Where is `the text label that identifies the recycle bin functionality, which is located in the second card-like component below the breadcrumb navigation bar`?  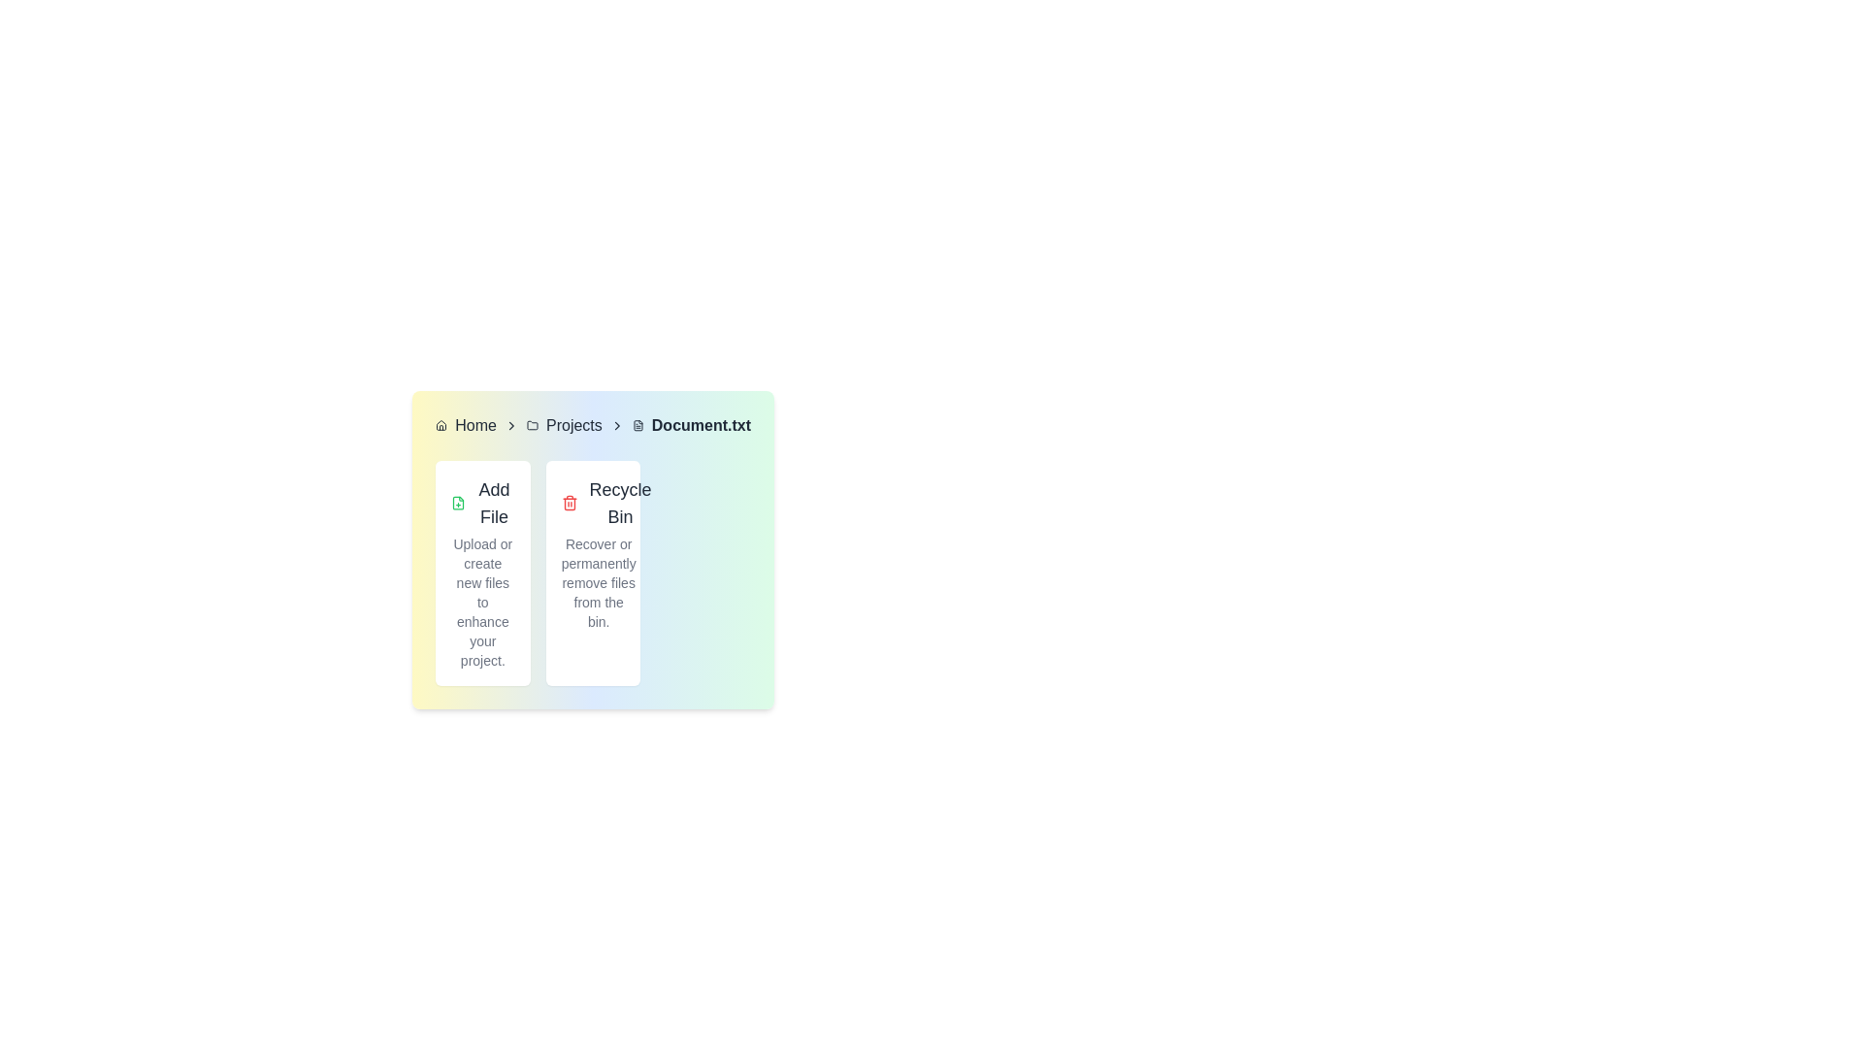
the text label that identifies the recycle bin functionality, which is located in the second card-like component below the breadcrumb navigation bar is located at coordinates (619, 503).